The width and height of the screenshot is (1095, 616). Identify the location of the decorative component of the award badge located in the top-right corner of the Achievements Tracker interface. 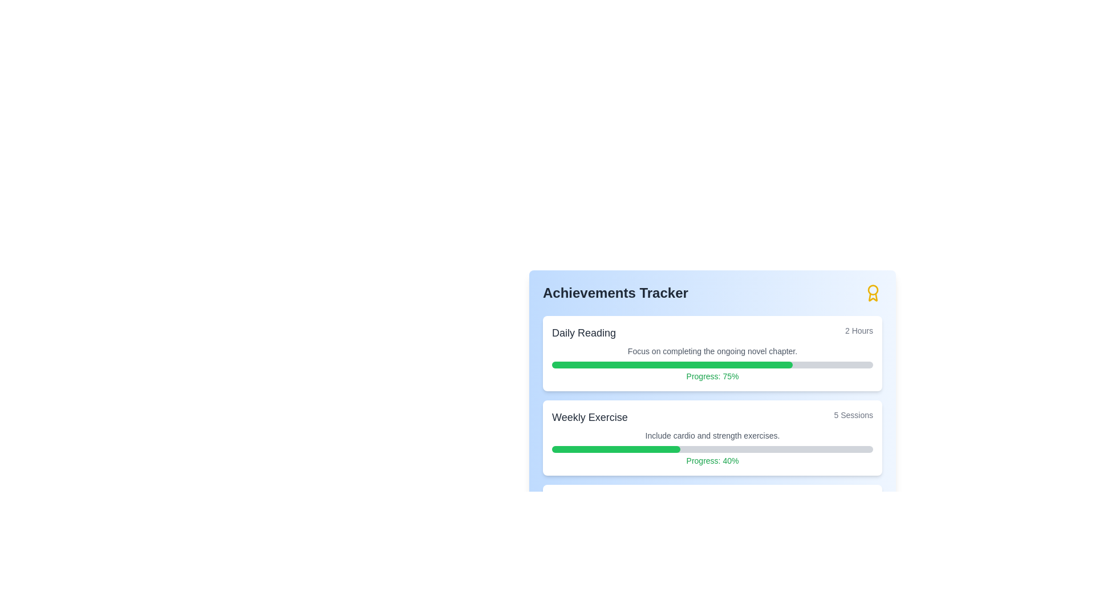
(873, 289).